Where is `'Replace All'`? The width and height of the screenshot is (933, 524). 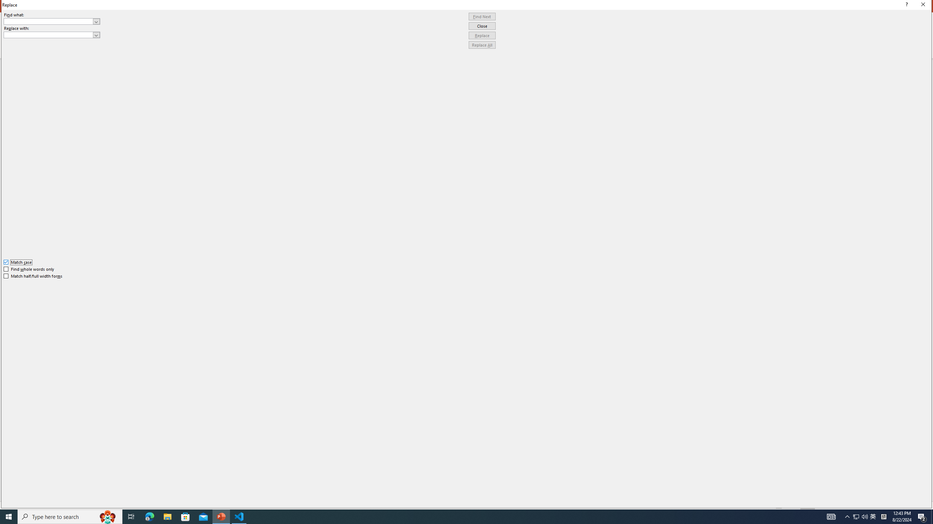
'Replace All' is located at coordinates (482, 44).